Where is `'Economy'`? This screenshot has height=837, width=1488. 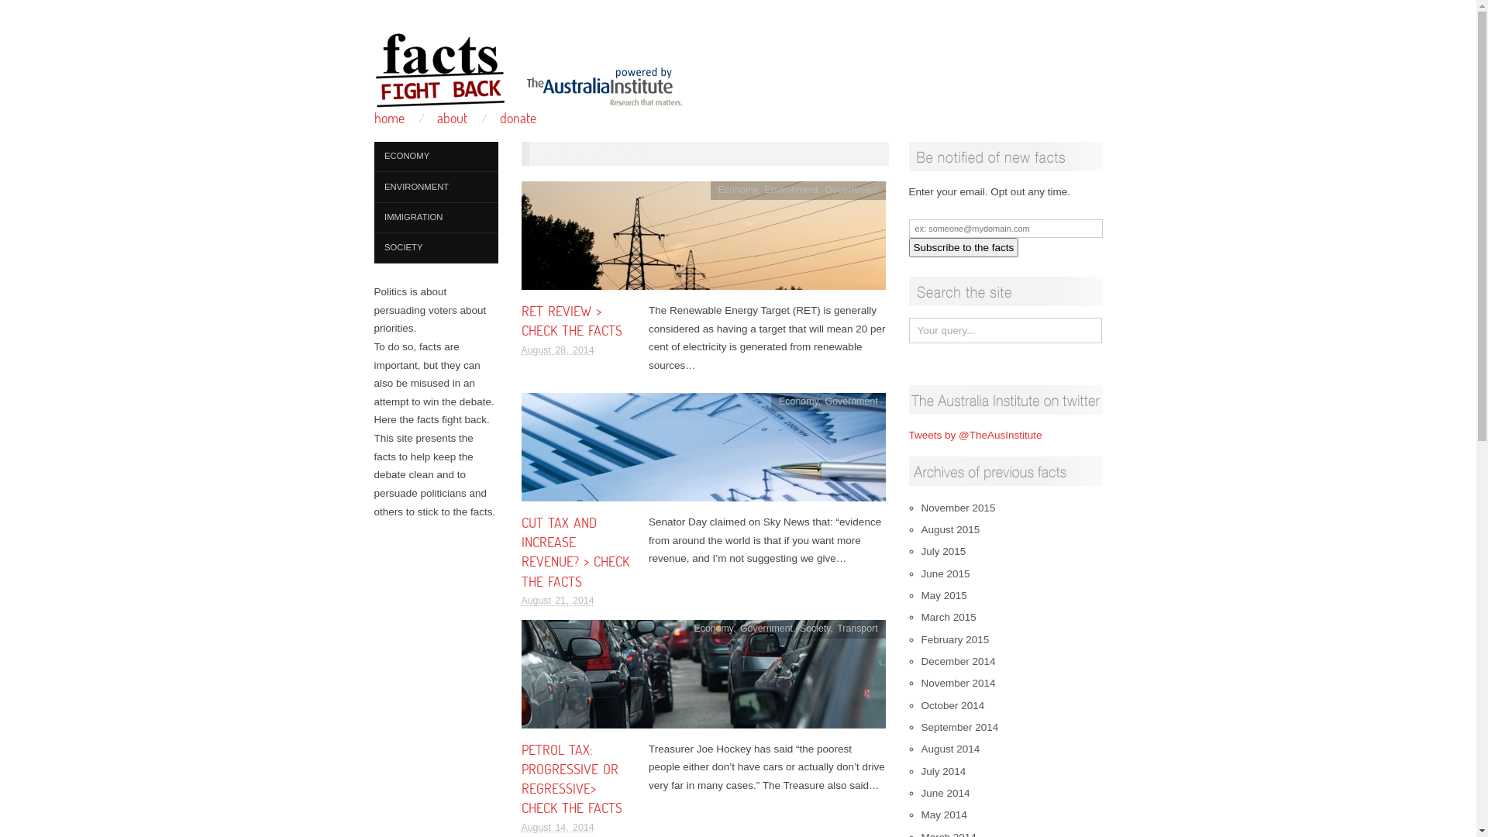
'Economy' is located at coordinates (737, 189).